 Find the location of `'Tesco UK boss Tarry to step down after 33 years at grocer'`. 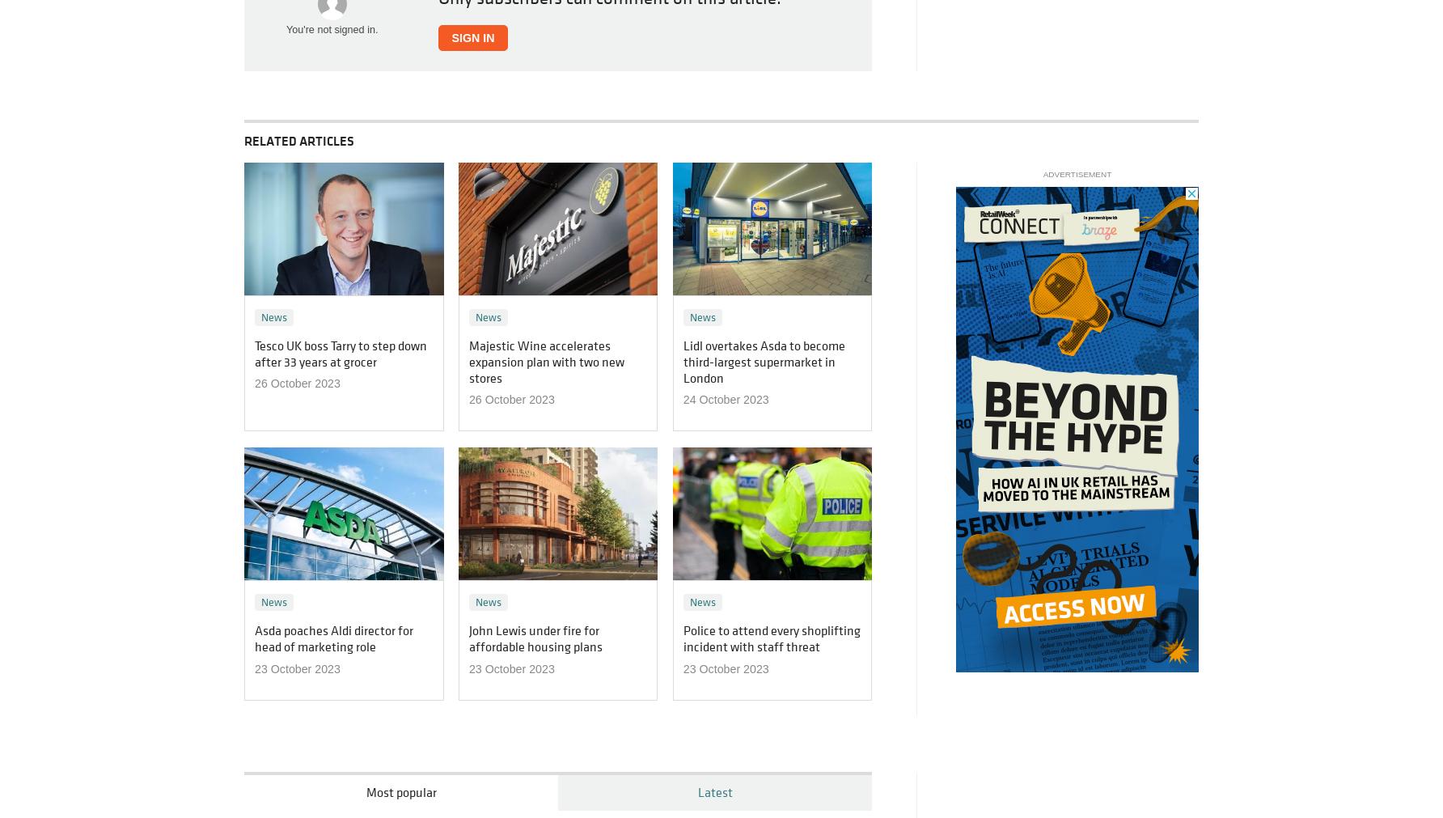

'Tesco UK boss Tarry to step down after 33 years at grocer' is located at coordinates (255, 352).